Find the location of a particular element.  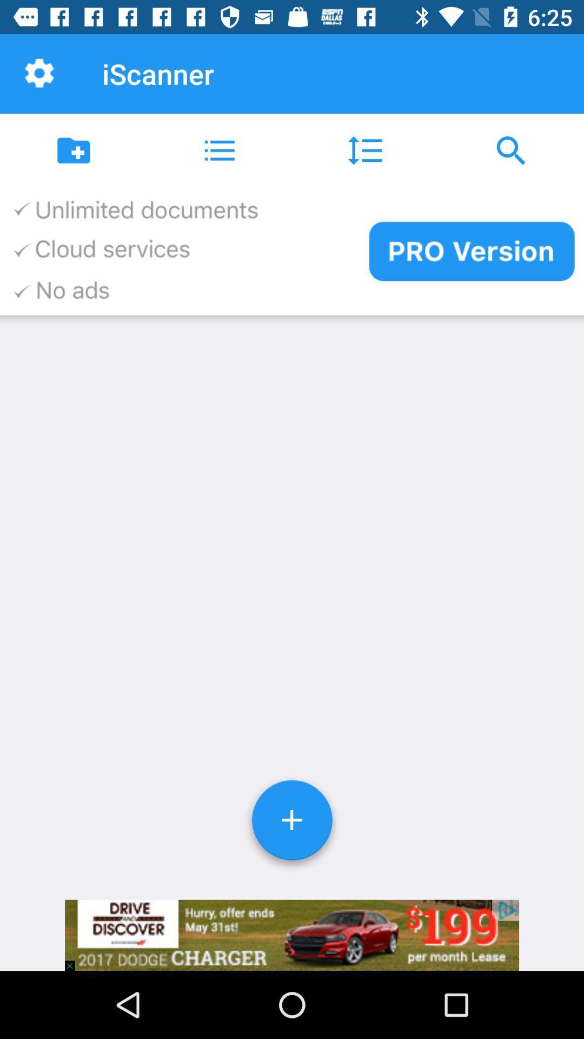

the item to the left of iscanner item is located at coordinates (39, 73).